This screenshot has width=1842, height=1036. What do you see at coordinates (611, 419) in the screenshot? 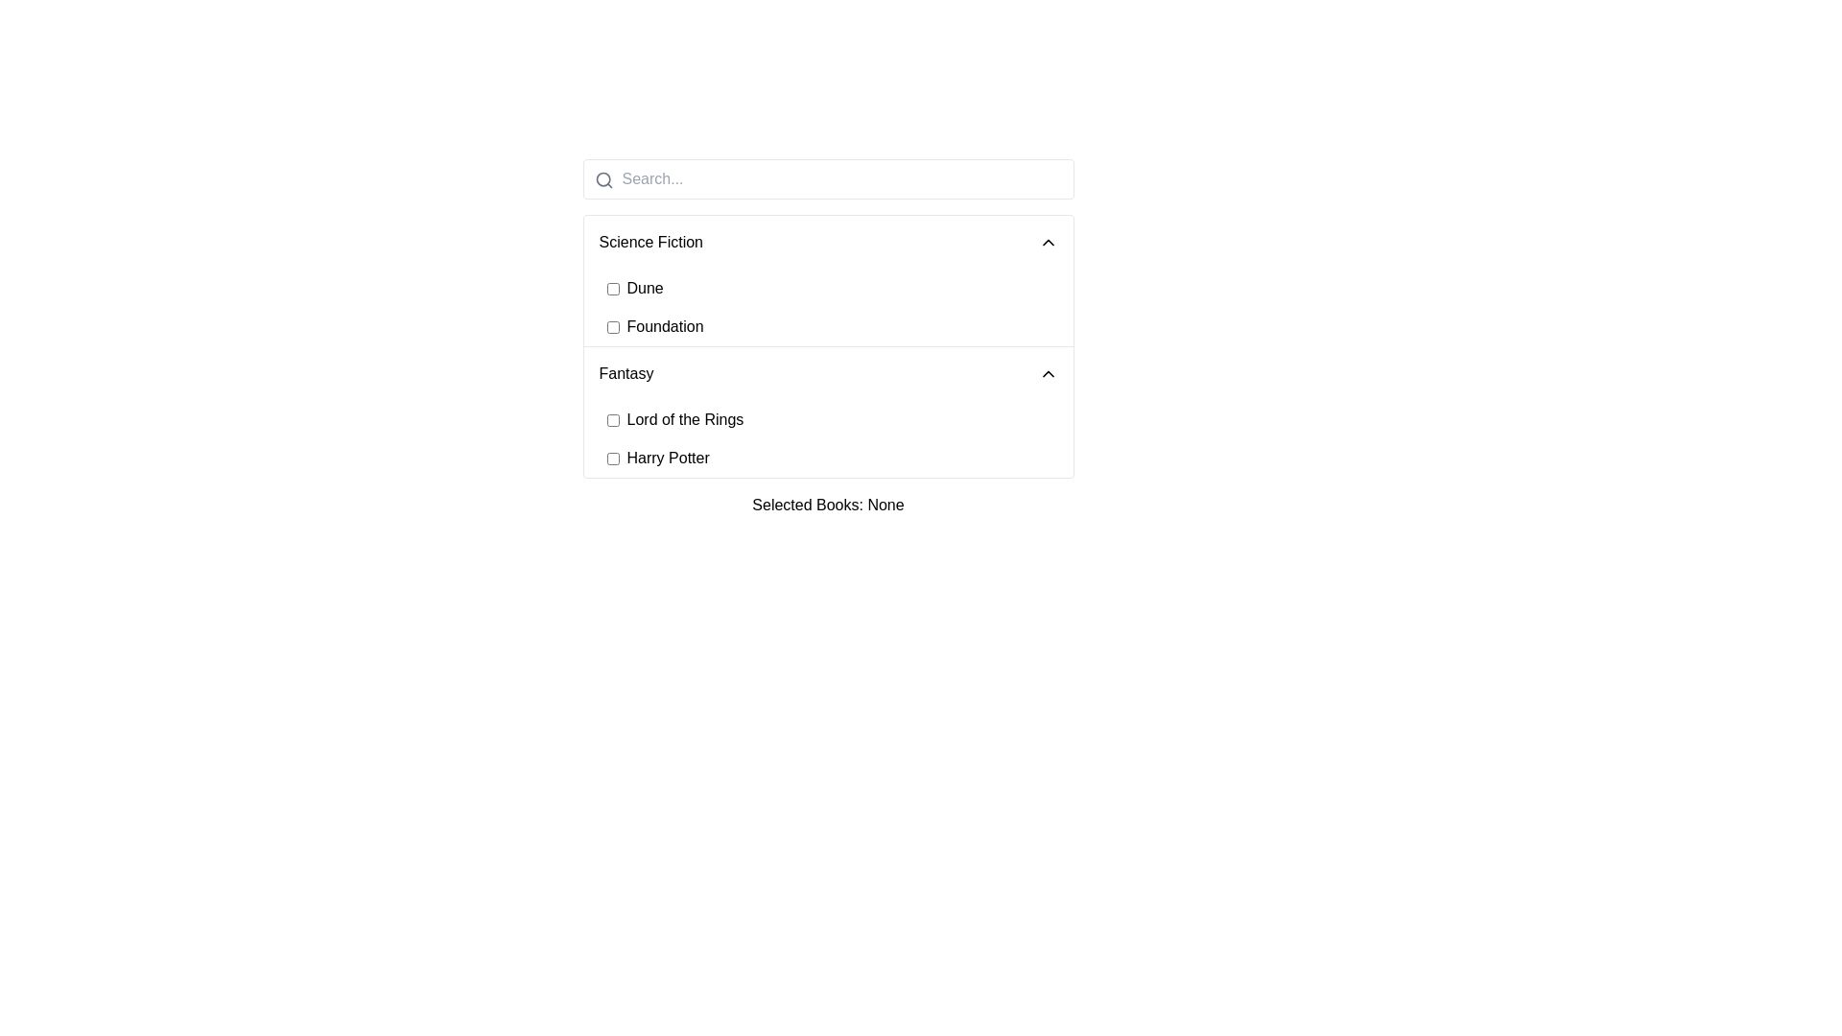
I see `the standard checkbox located to the left of the label 'Lord of the Rings' in the 'Fantasy' category` at bounding box center [611, 419].